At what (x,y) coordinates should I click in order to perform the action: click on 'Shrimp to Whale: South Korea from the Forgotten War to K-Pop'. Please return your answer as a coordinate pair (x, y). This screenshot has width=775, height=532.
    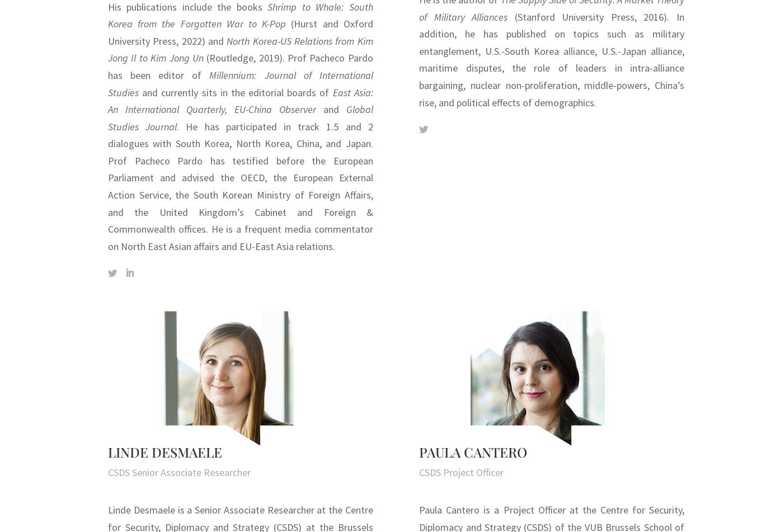
    Looking at the image, I should click on (239, 15).